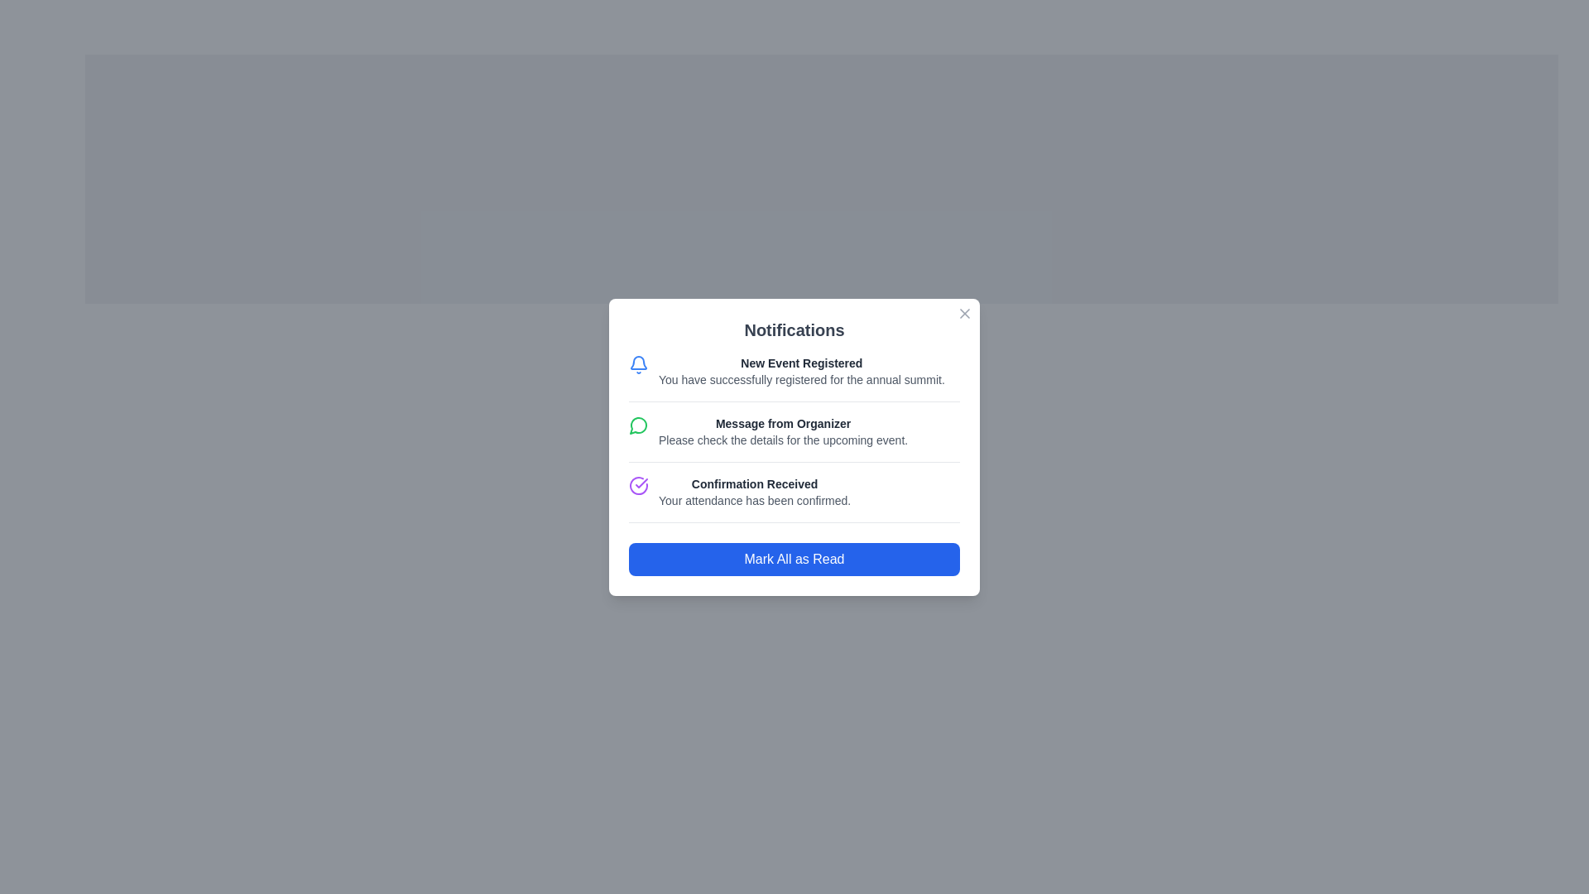 This screenshot has width=1589, height=894. I want to click on the text label that displays 'Your attendance has been confirmed.' located below the header 'Confirmation Received' in the notifications card, so click(754, 499).